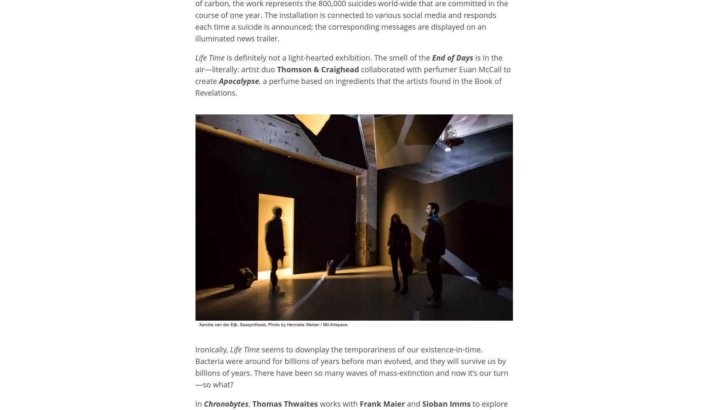  What do you see at coordinates (194, 63) in the screenshot?
I see `'is in the air—literally: artist duo'` at bounding box center [194, 63].